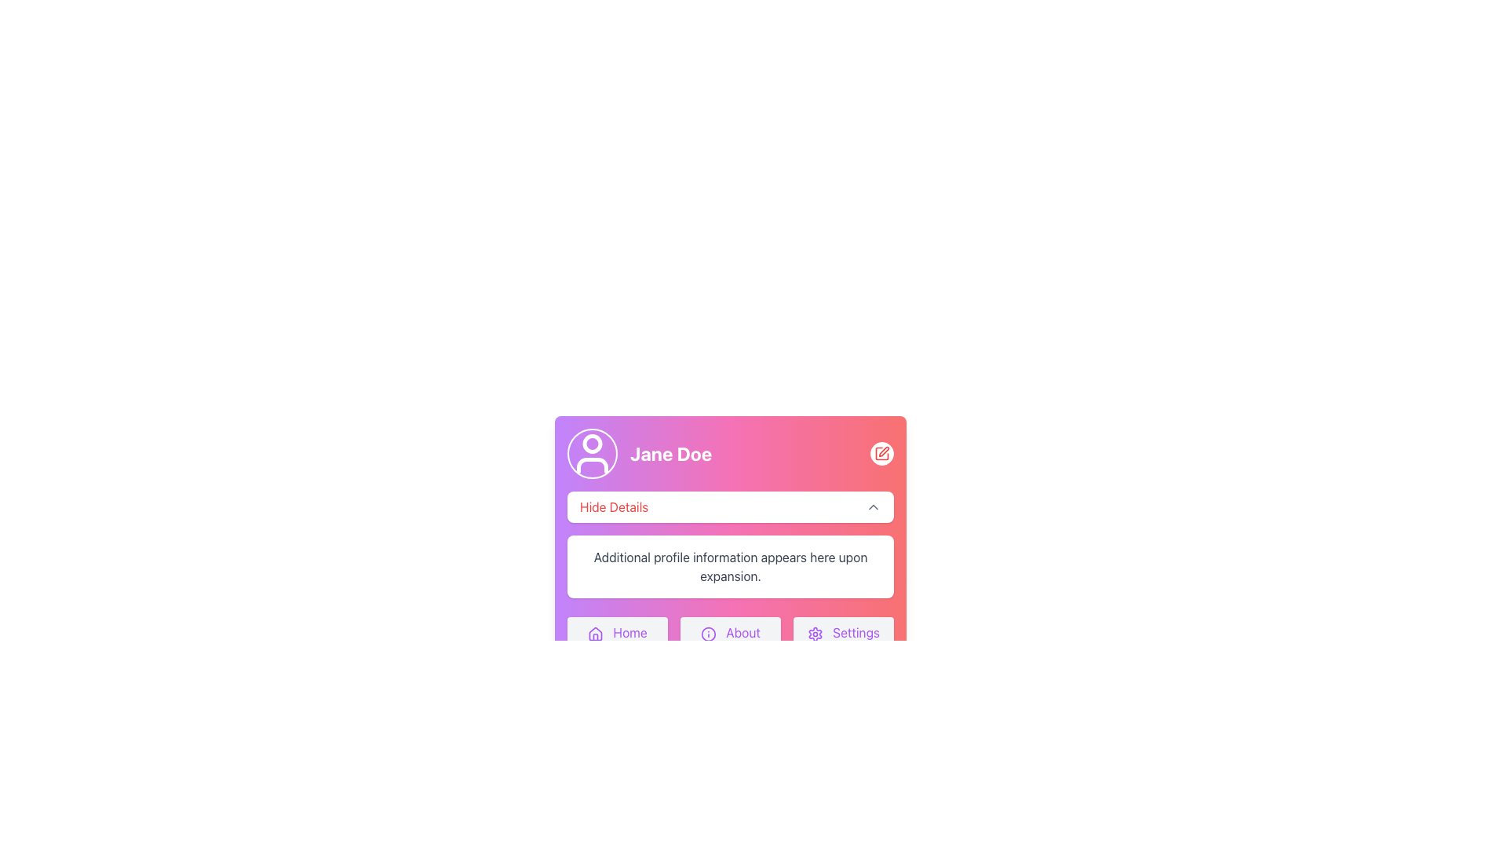  I want to click on the red square-shaped icon button with a pencil symbol inside, located at the top-right corner of the profile card, so click(881, 454).